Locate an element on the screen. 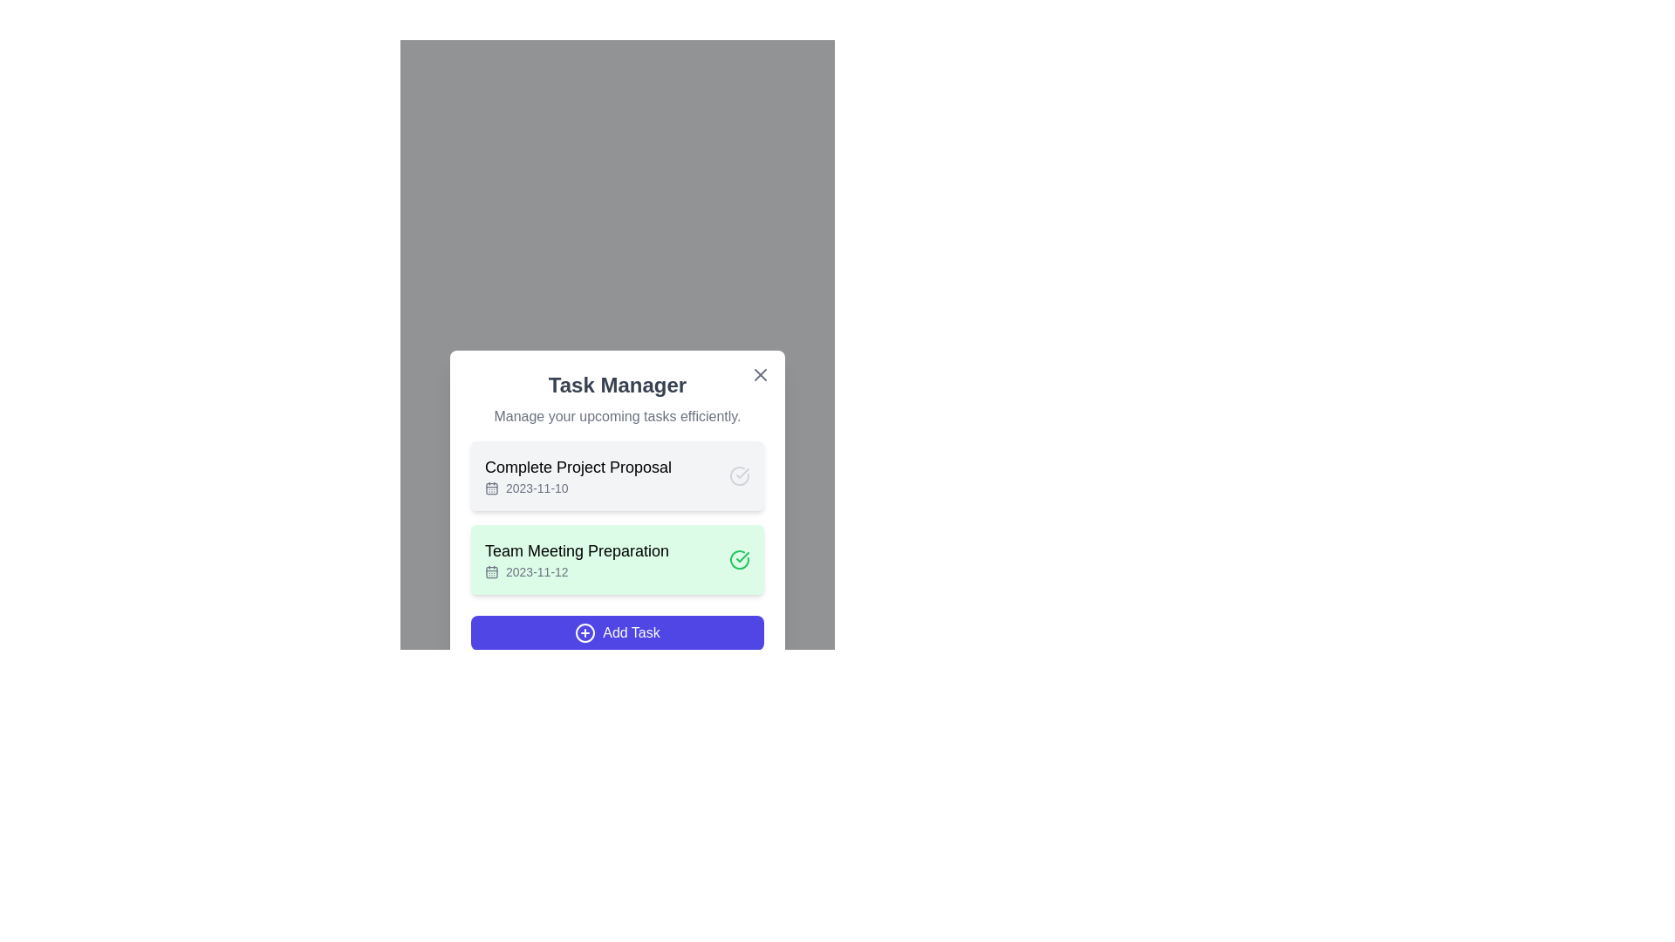 This screenshot has height=942, width=1675. task title 'Complete Project Proposal' and its deadline '2023-11-10' from the first task card in the modal window is located at coordinates (618, 476).